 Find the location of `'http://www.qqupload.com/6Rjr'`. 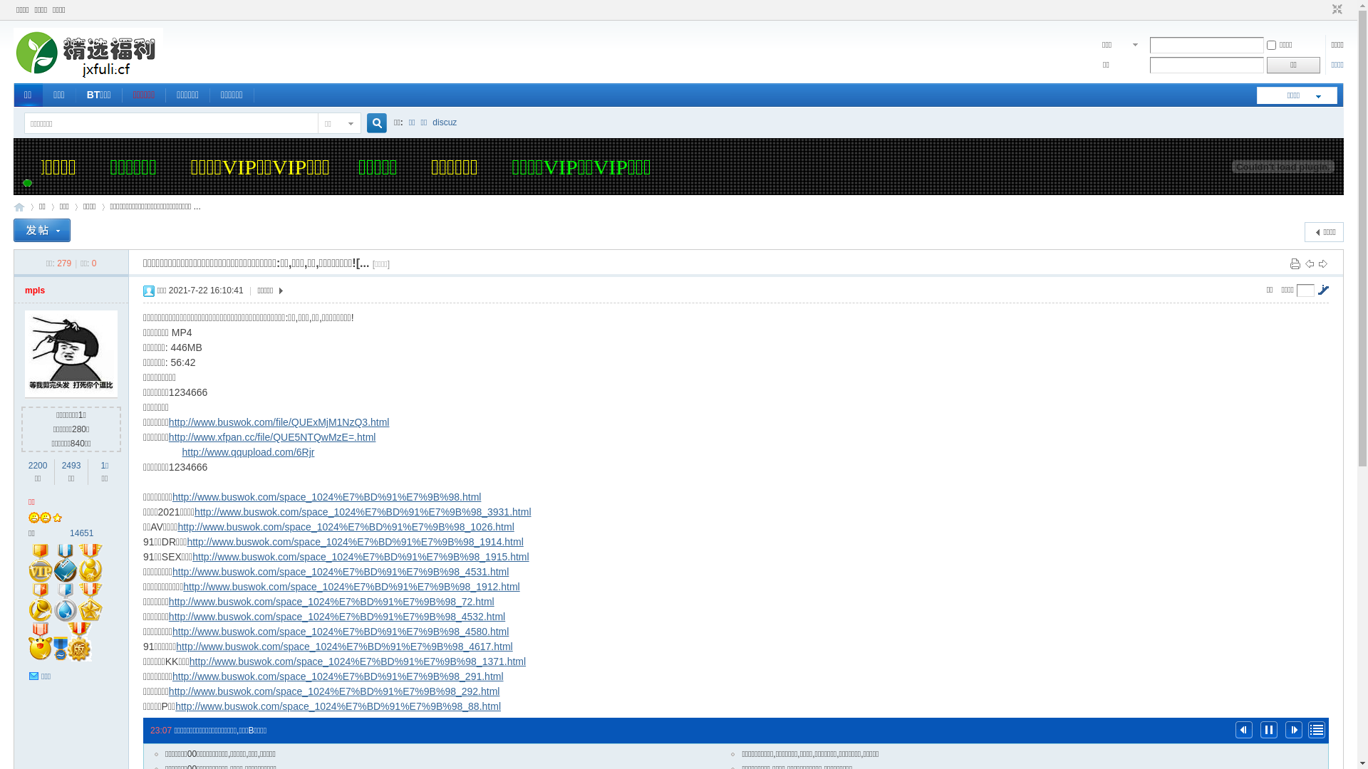

'http://www.qqupload.com/6Rjr' is located at coordinates (249, 452).